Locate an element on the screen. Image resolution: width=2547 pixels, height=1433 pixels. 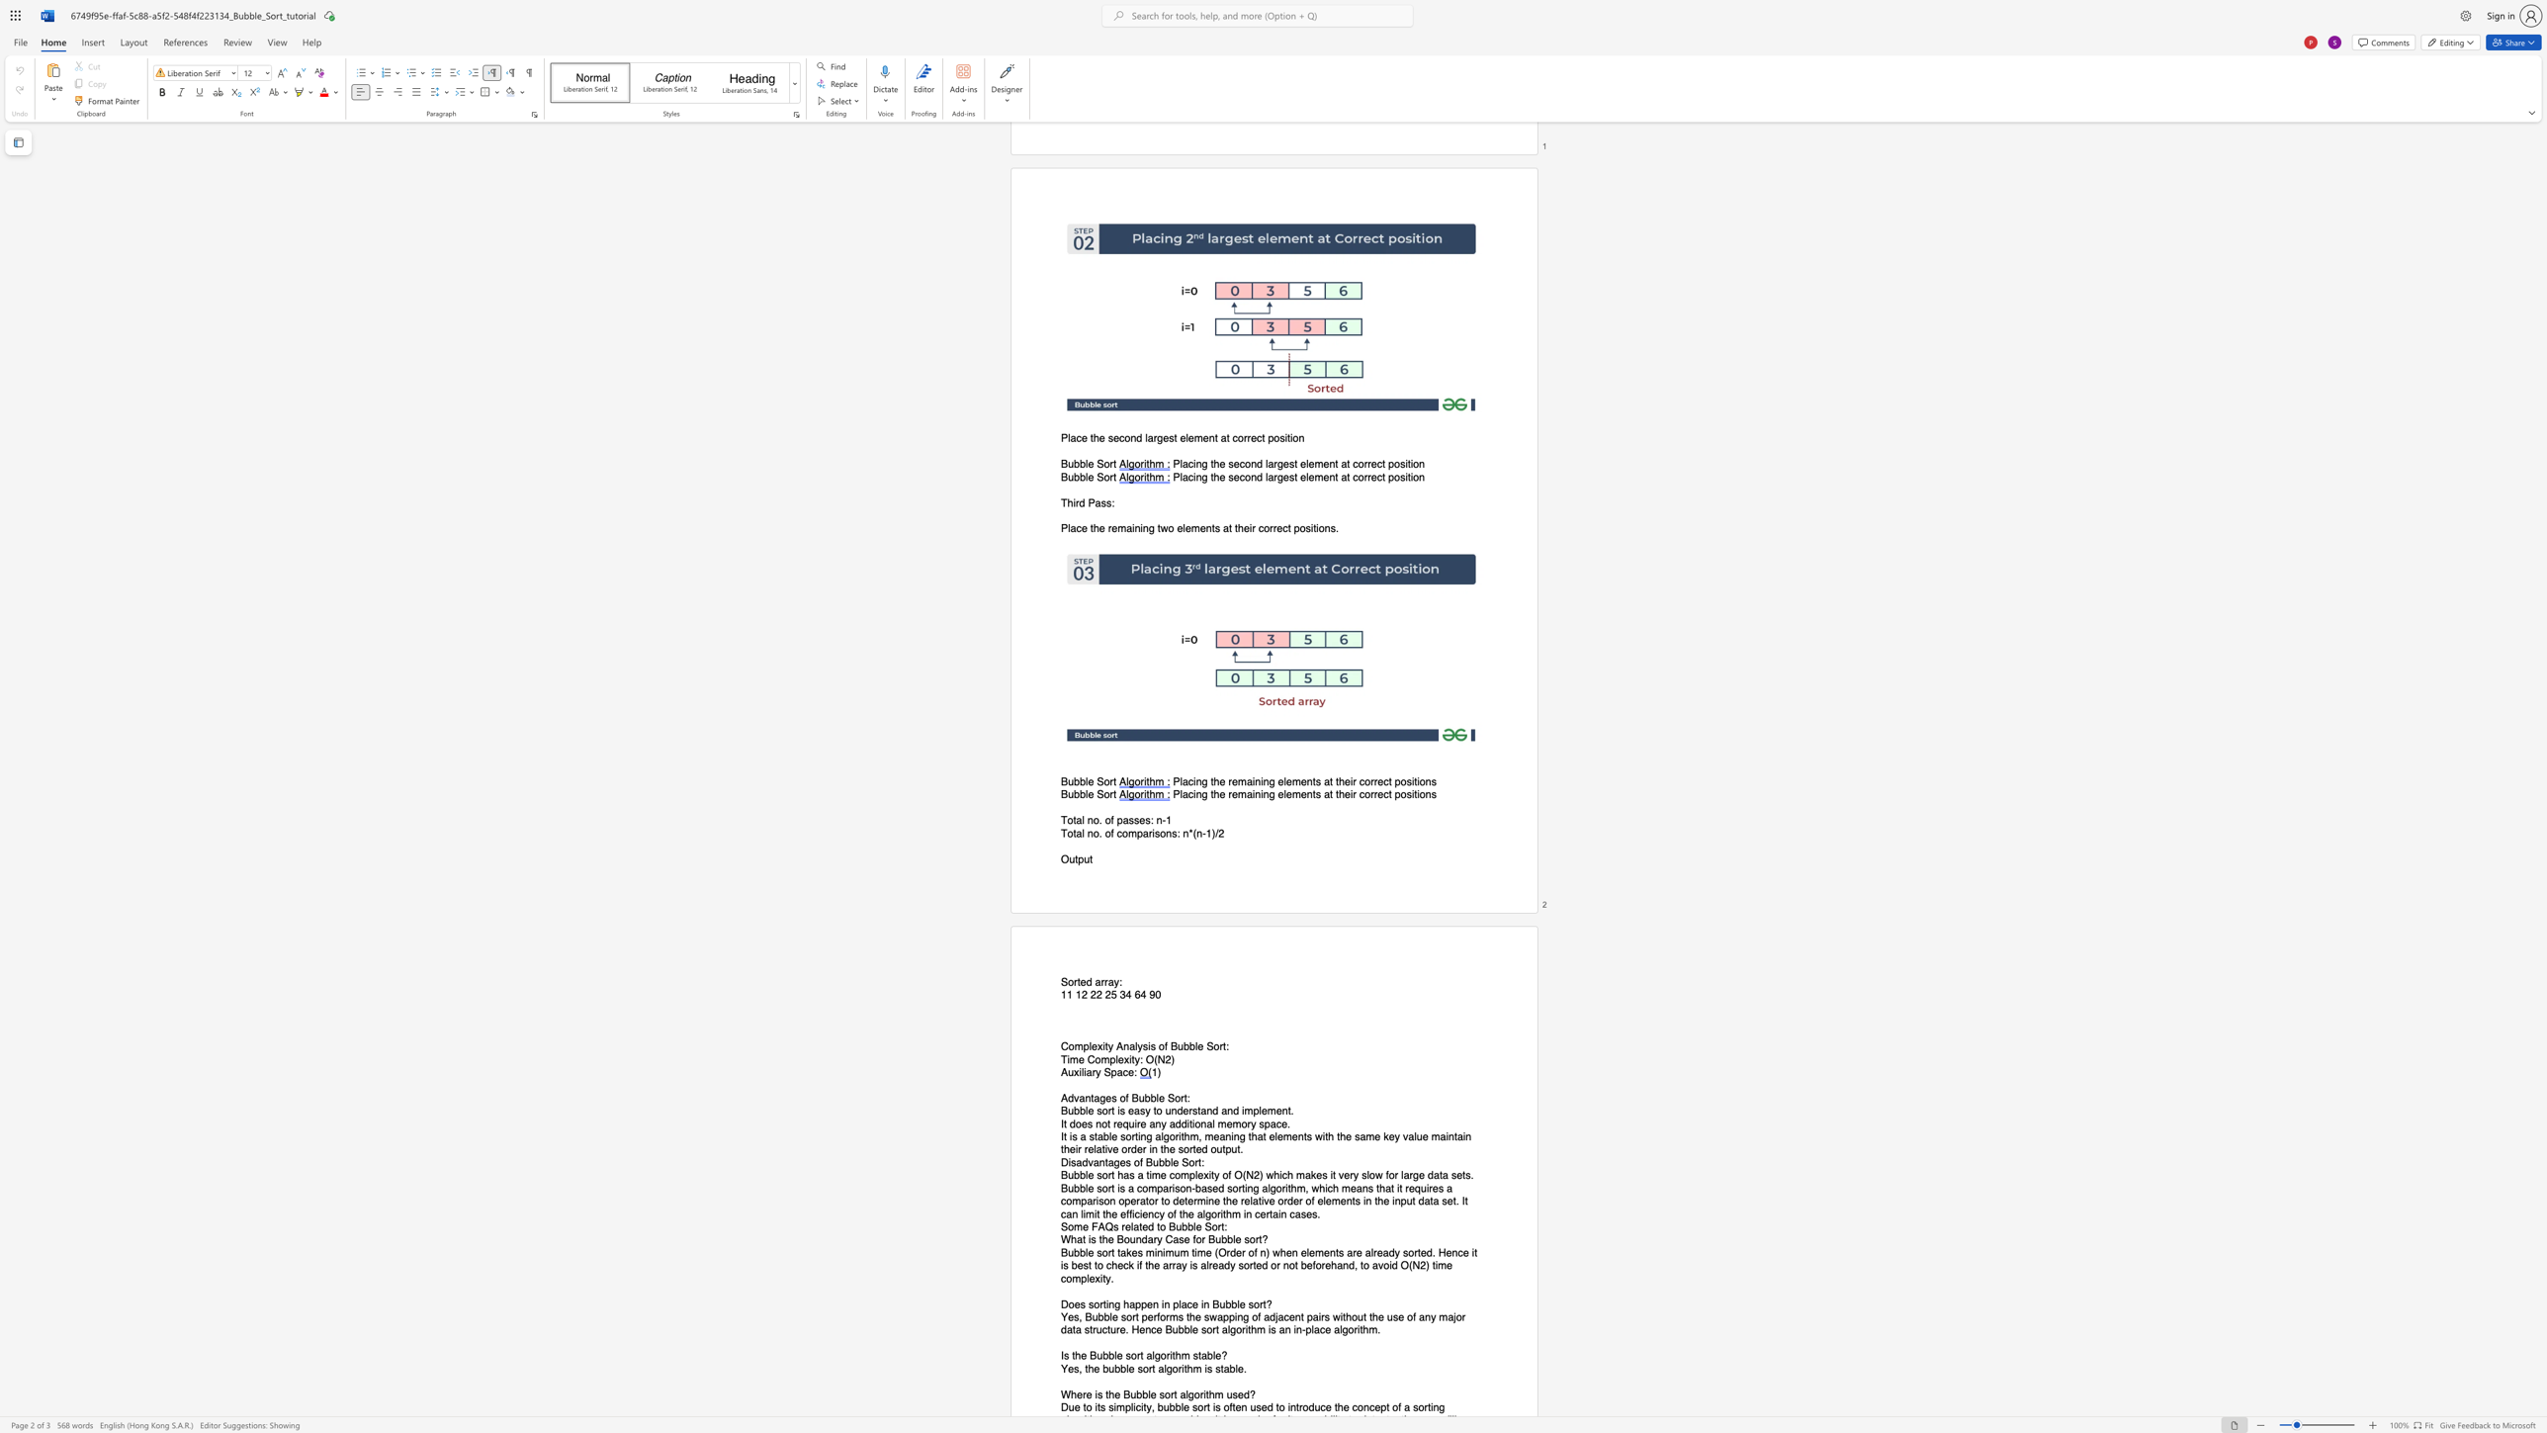
the 2th character "i" in the text is located at coordinates (1148, 1046).